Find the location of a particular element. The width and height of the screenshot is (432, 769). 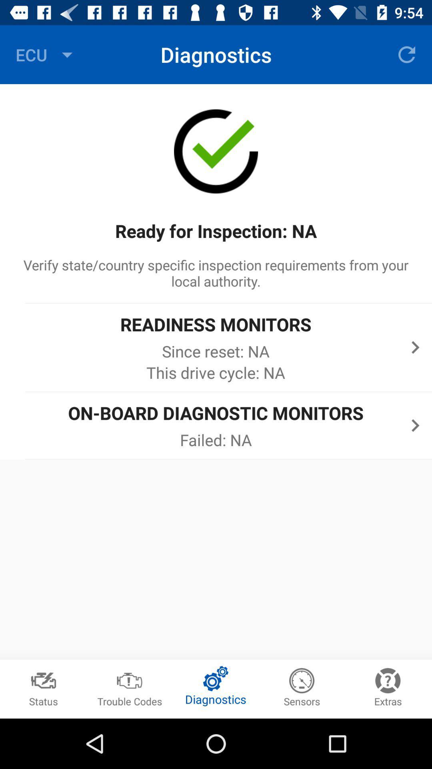

the icon next to diagnostics icon is located at coordinates (407, 54).